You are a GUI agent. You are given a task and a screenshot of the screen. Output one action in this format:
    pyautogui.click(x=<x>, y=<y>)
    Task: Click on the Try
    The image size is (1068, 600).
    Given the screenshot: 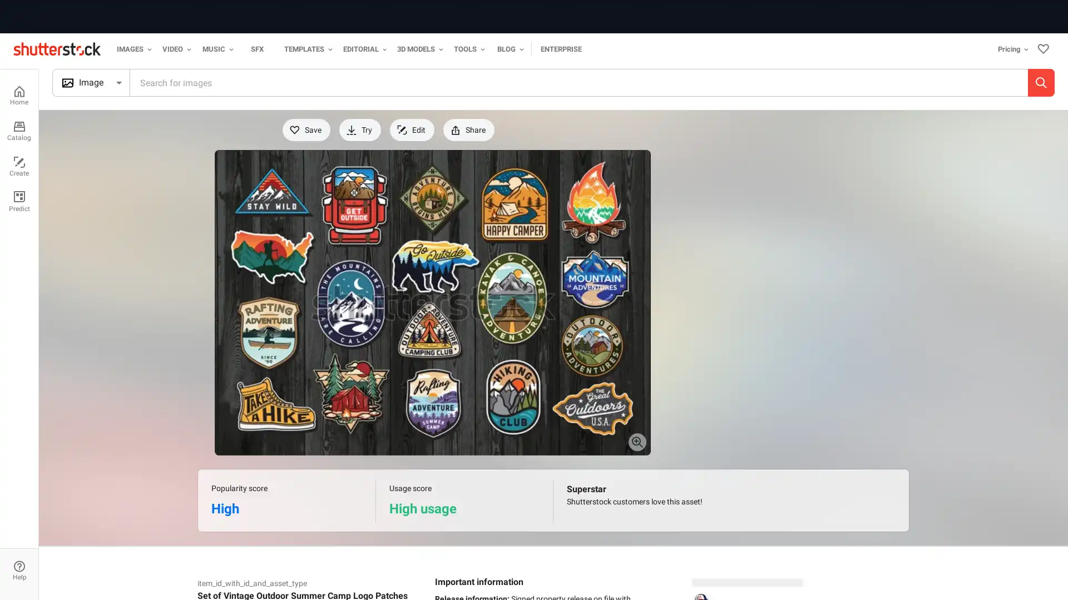 What is the action you would take?
    pyautogui.click(x=343, y=129)
    